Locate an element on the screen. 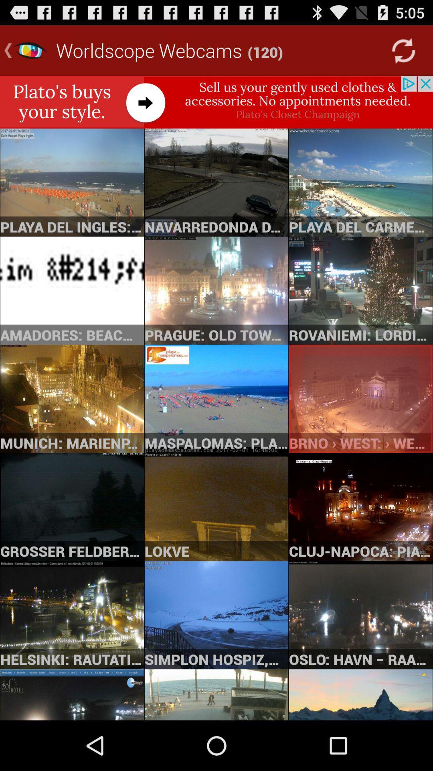 This screenshot has width=433, height=771. visit plato 's is located at coordinates (216, 102).